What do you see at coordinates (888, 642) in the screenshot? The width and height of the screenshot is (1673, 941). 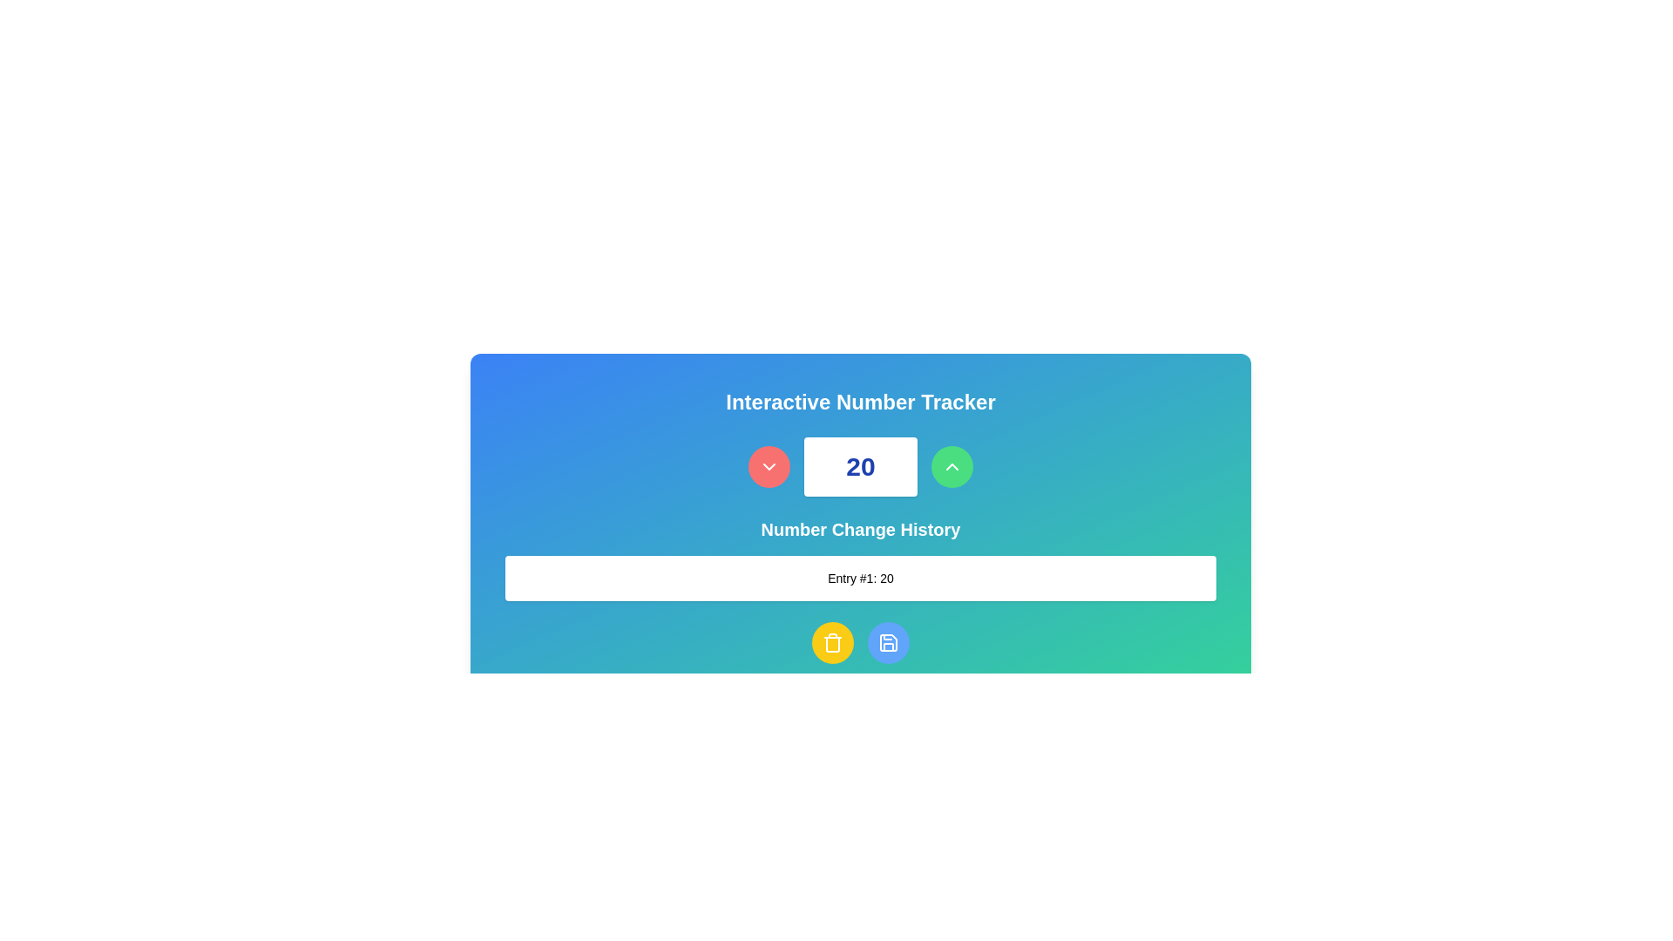 I see `the circular blue save button with a floppy disk icon located towards the bottom-right of the interface` at bounding box center [888, 642].